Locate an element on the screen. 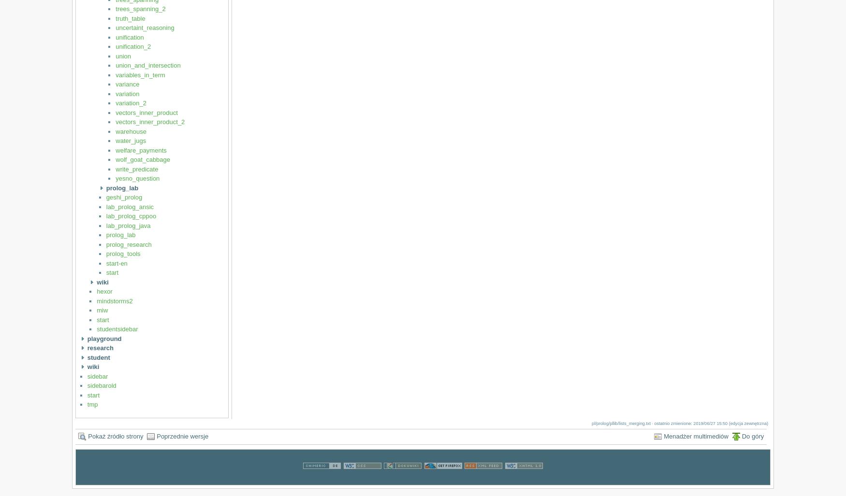  'playground' is located at coordinates (104, 338).